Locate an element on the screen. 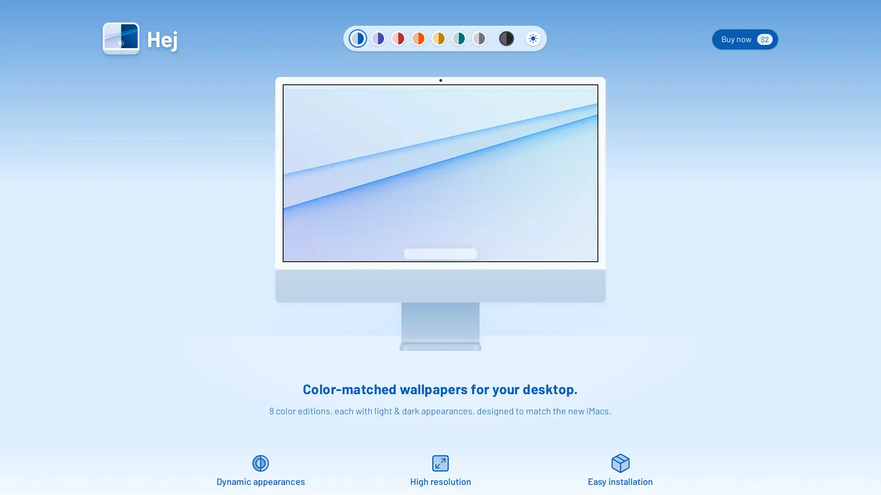  Set theme to green is located at coordinates (458, 38).